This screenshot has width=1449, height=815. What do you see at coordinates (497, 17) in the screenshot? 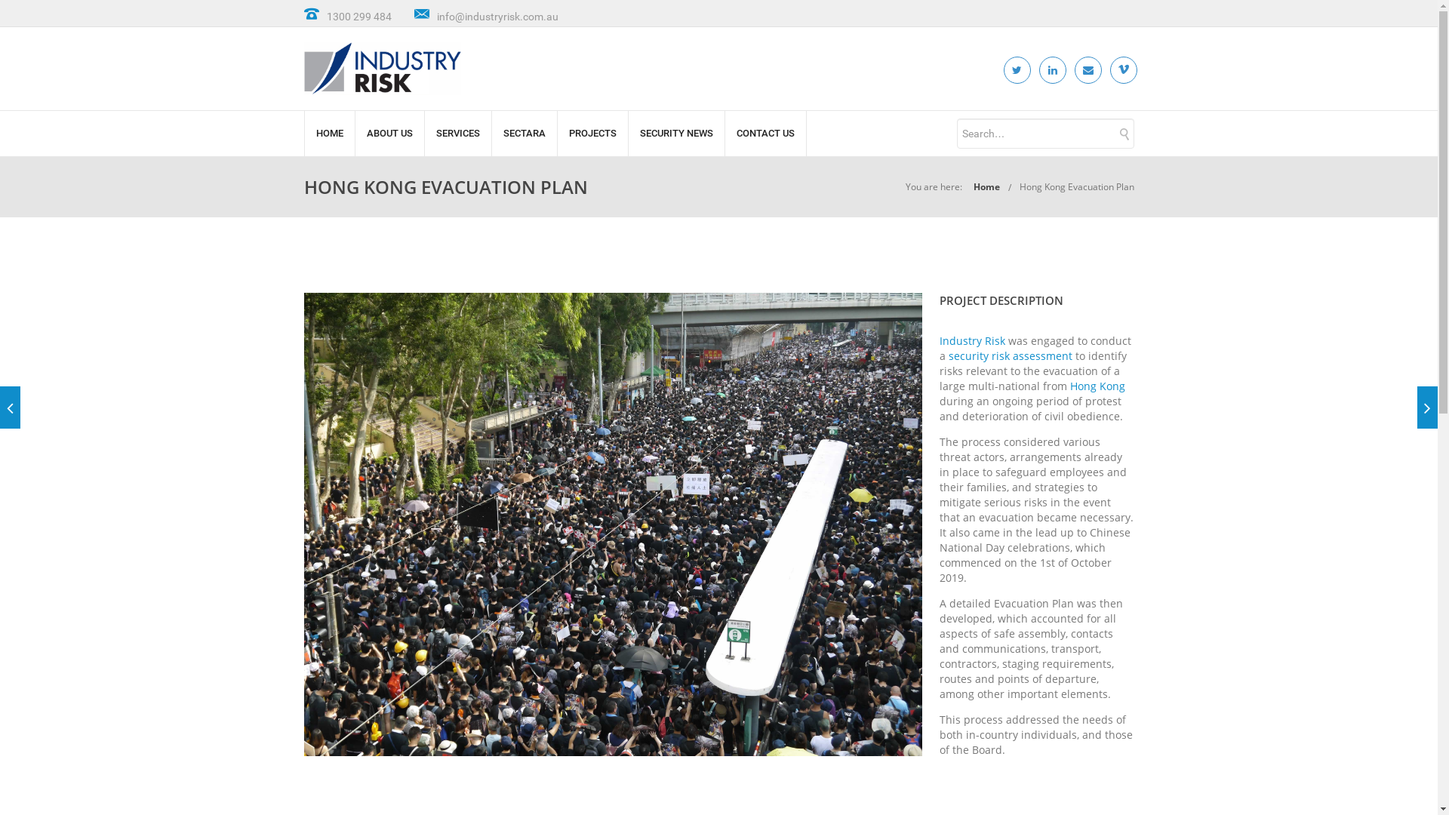
I see `'info@industryrisk.com.au'` at bounding box center [497, 17].